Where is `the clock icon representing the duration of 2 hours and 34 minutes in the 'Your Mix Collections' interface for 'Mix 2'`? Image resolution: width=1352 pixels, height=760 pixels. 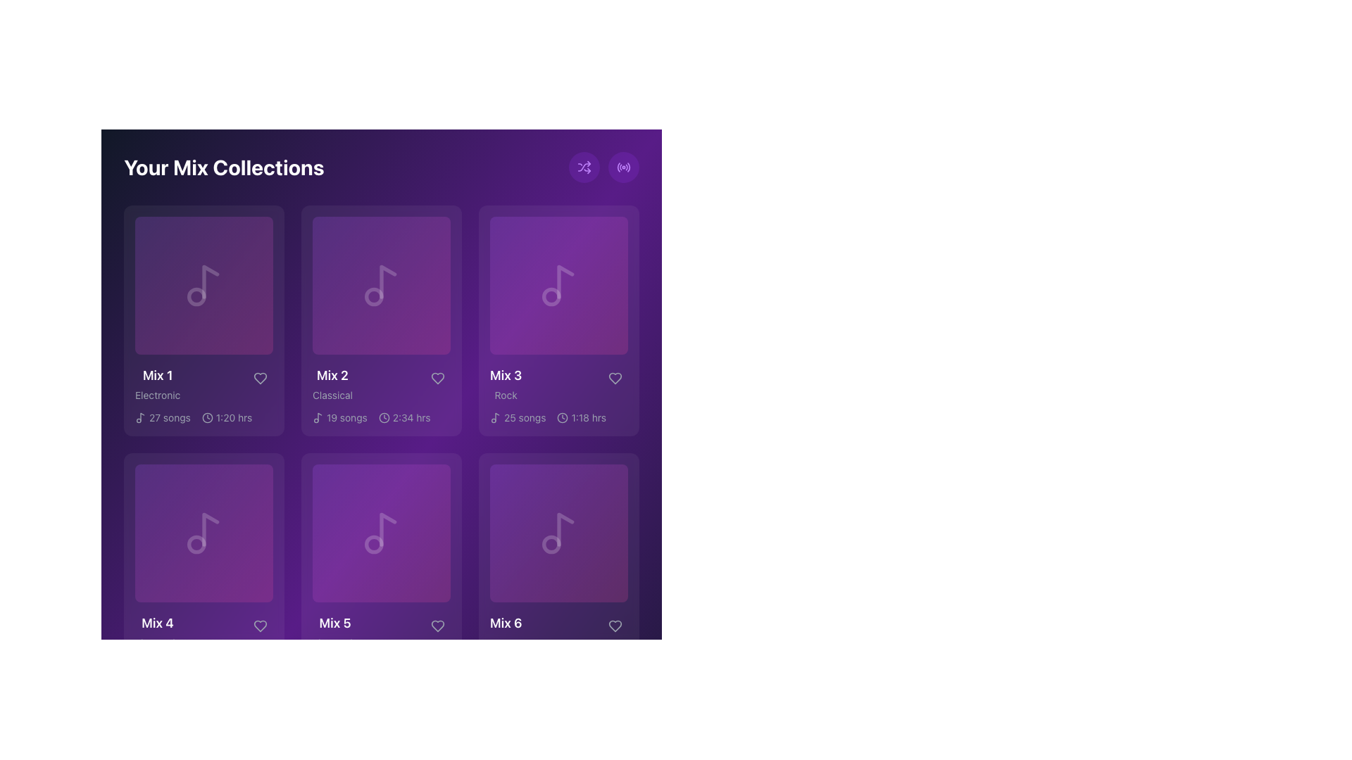
the clock icon representing the duration of 2 hours and 34 minutes in the 'Your Mix Collections' interface for 'Mix 2' is located at coordinates (384, 417).